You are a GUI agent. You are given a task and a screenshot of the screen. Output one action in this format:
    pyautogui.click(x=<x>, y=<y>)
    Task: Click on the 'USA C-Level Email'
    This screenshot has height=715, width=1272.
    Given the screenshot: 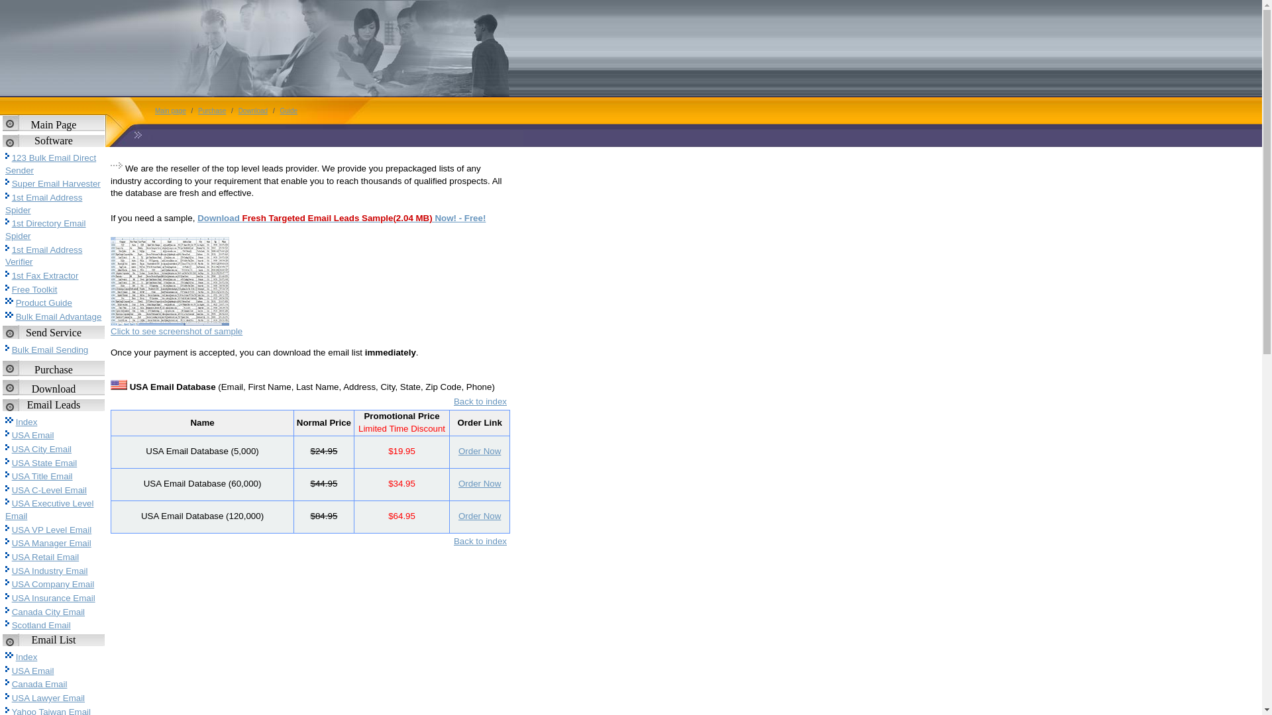 What is the action you would take?
    pyautogui.click(x=49, y=490)
    